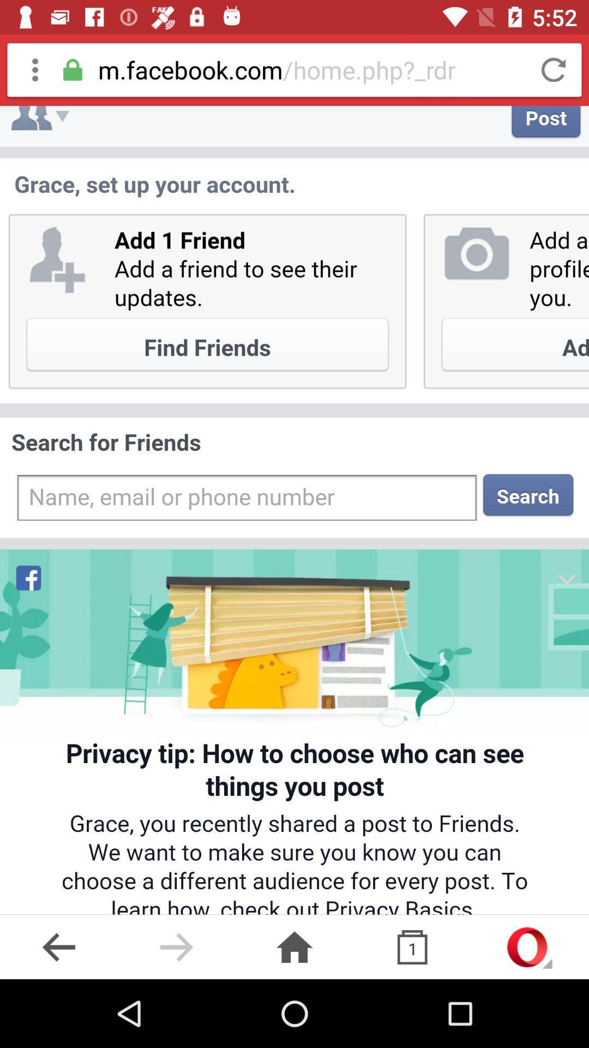  Describe the element at coordinates (176, 946) in the screenshot. I see `the arrow_forward icon` at that location.